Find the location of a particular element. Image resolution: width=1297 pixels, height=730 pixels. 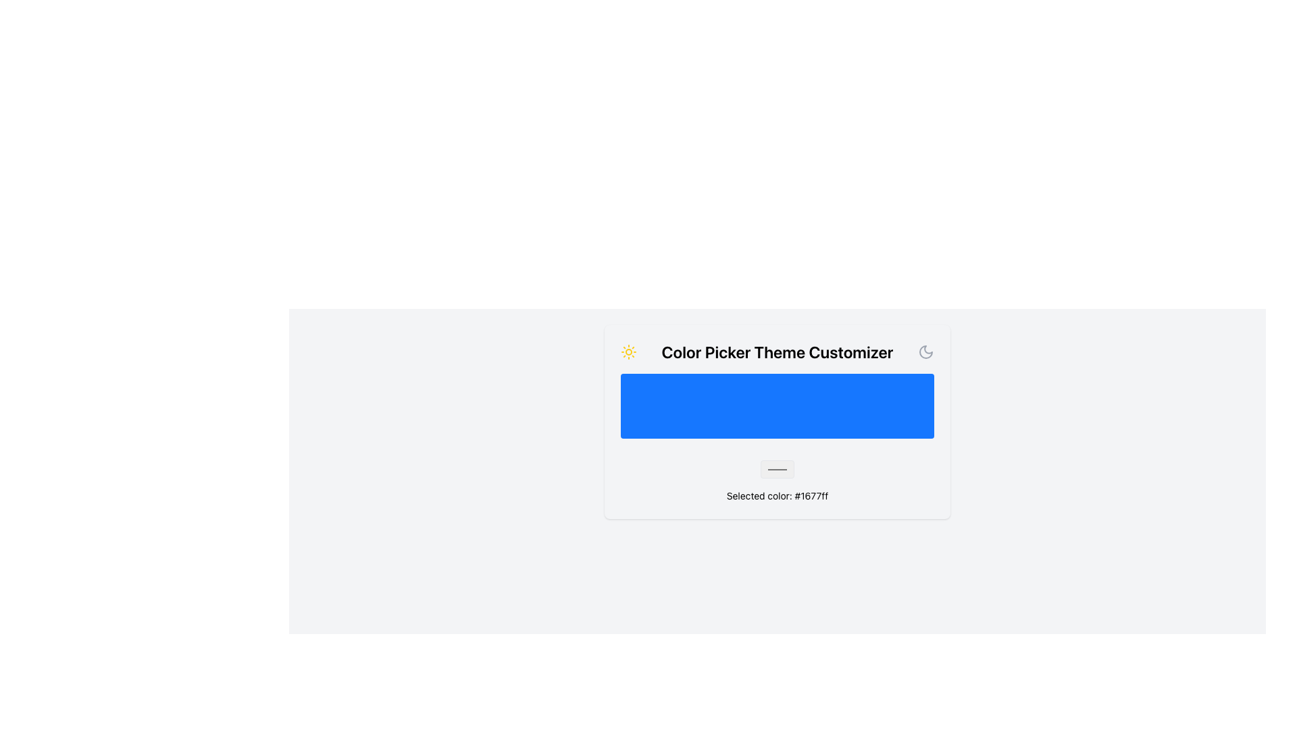

the crescent moon icon located at the top left corner of the 'Color Picker Theme Customizer' panel, which symbolizes a nighttime or dark theme is located at coordinates (925, 351).